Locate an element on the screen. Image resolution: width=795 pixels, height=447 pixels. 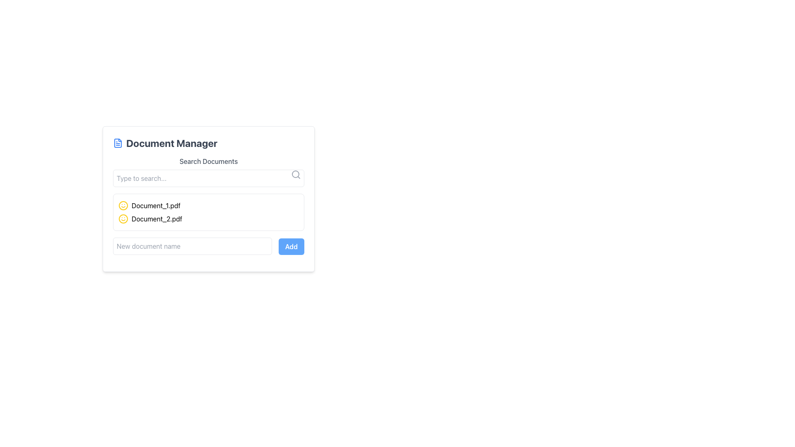
the search icon located at the top-right corner of the 'Type to search...' input field is located at coordinates (296, 174).